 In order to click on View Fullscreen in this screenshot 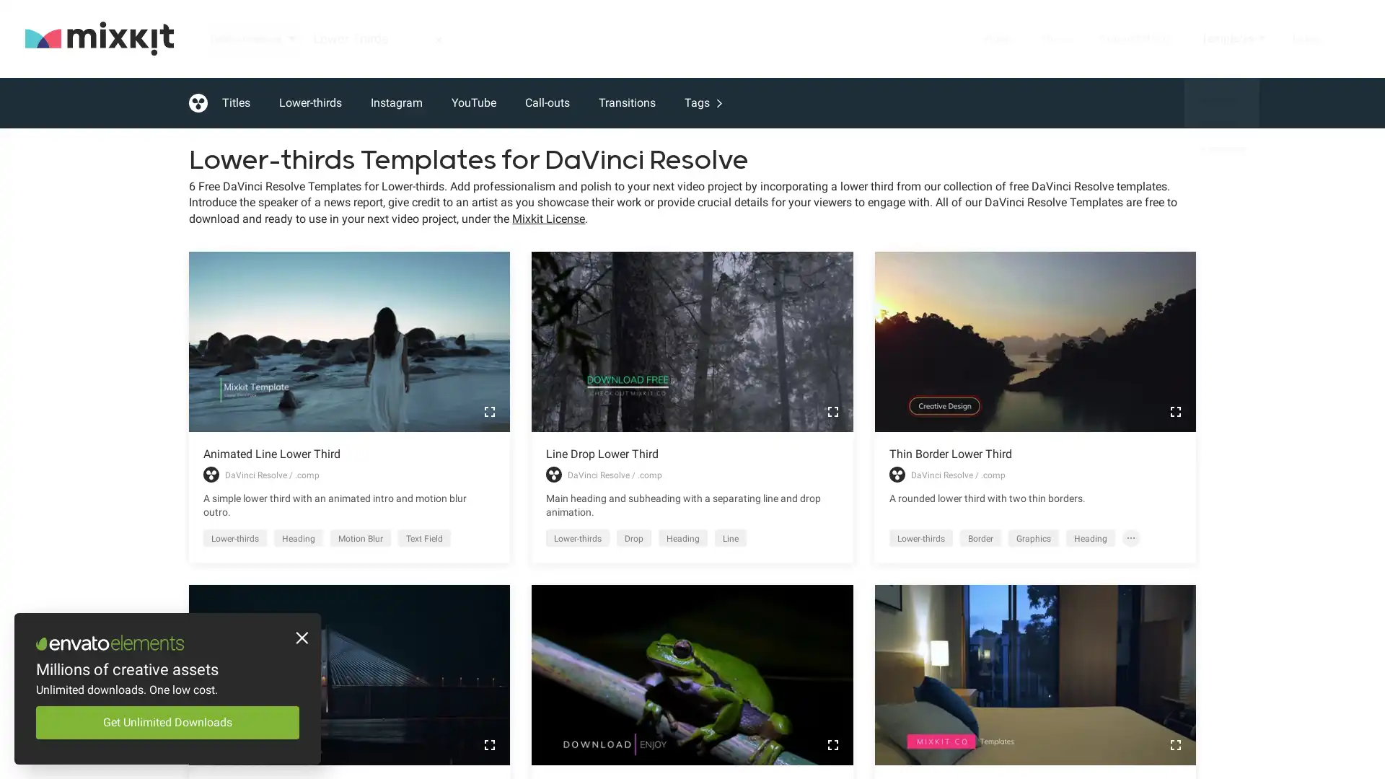, I will do `click(832, 411)`.